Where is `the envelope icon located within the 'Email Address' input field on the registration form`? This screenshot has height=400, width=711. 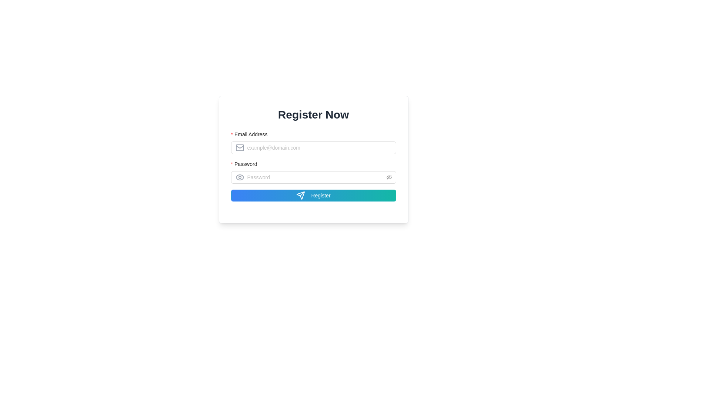
the envelope icon located within the 'Email Address' input field on the registration form is located at coordinates (240, 147).